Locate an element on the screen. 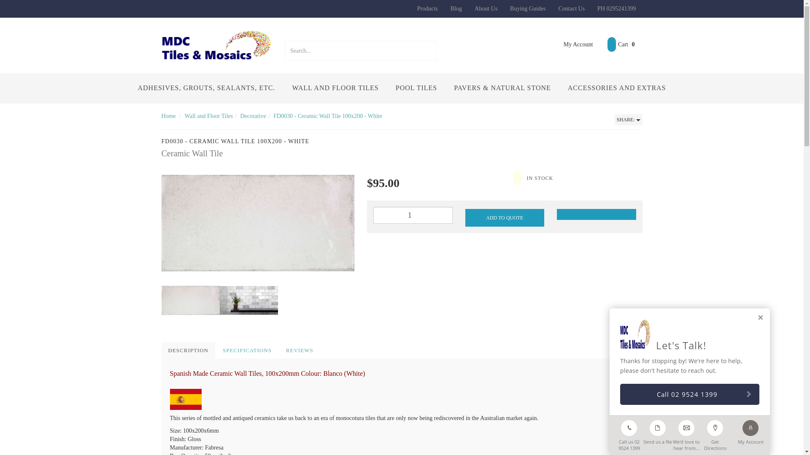 The image size is (810, 455). 'Wall and Floor Tiles' is located at coordinates (208, 116).